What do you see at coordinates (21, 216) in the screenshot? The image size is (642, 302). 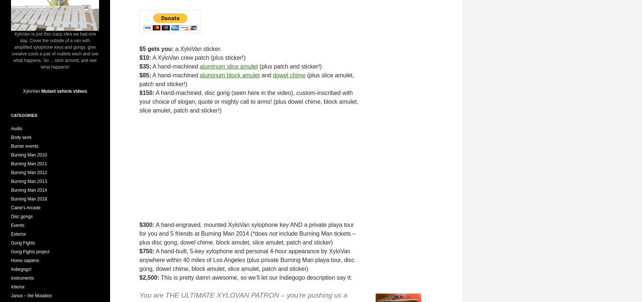 I see `'Disc gongs'` at bounding box center [21, 216].